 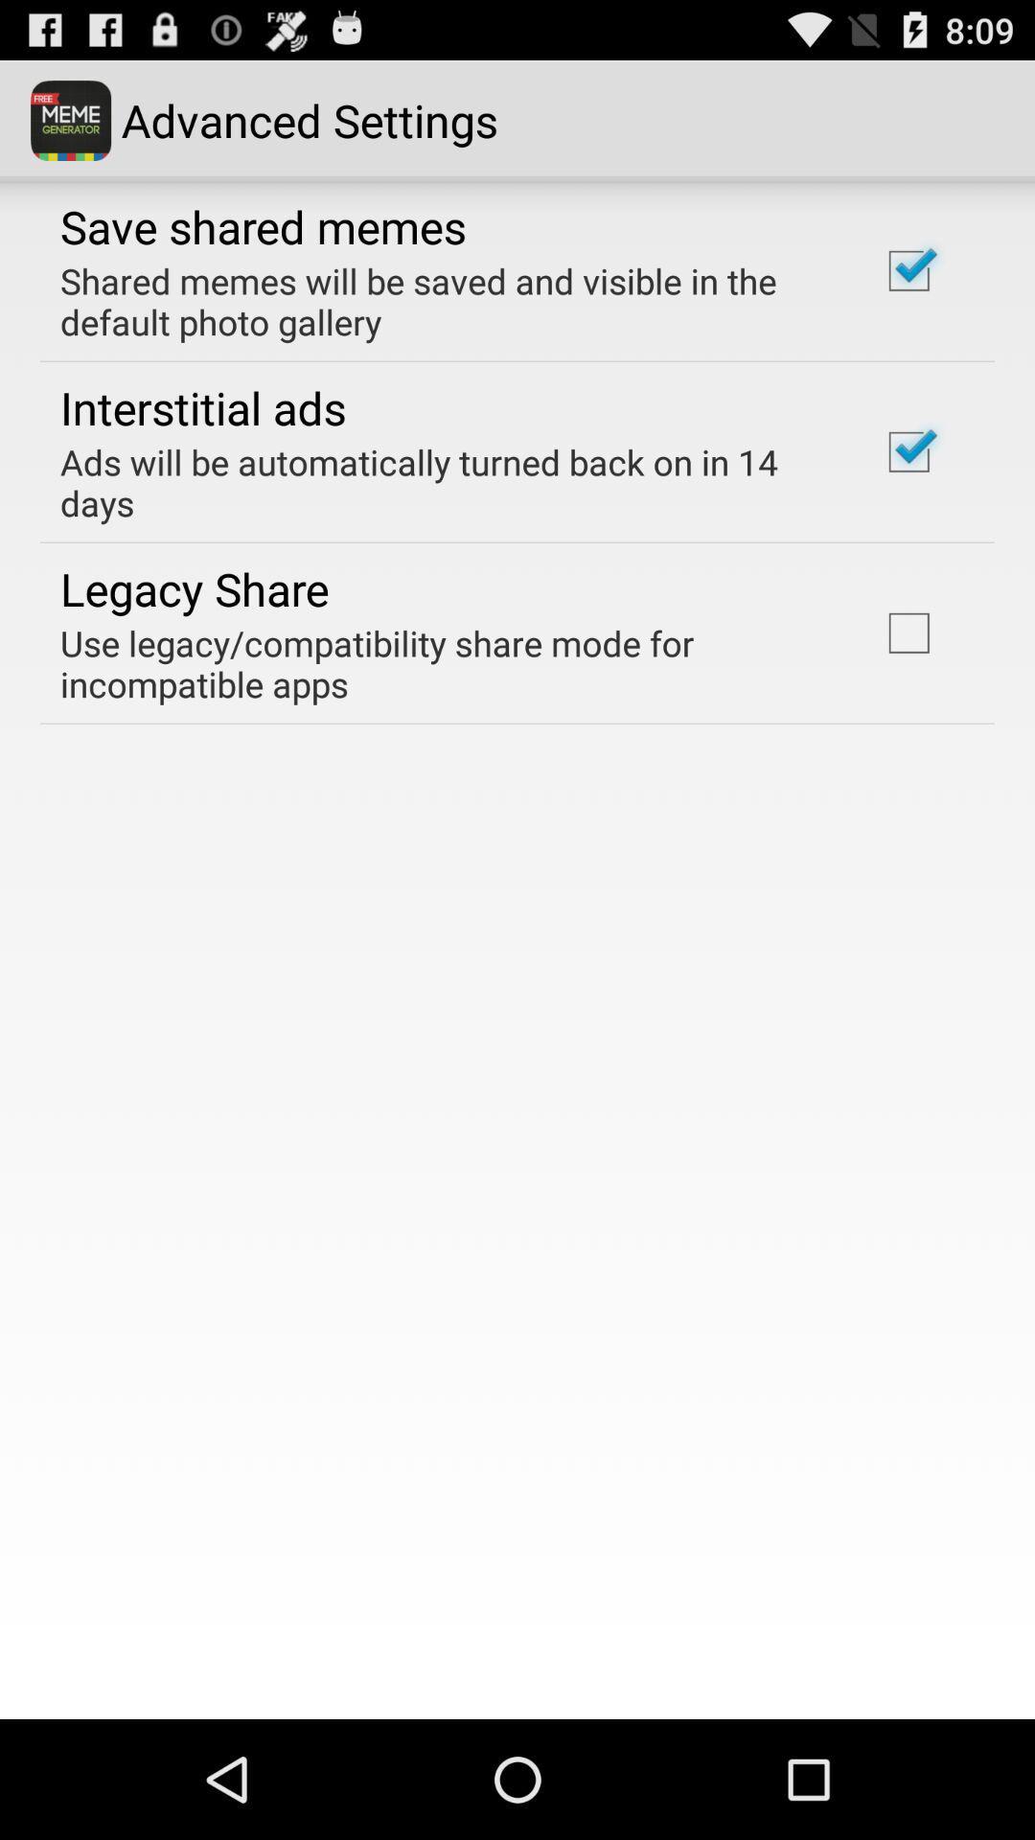 I want to click on the use legacy compatibility at the center, so click(x=444, y=663).